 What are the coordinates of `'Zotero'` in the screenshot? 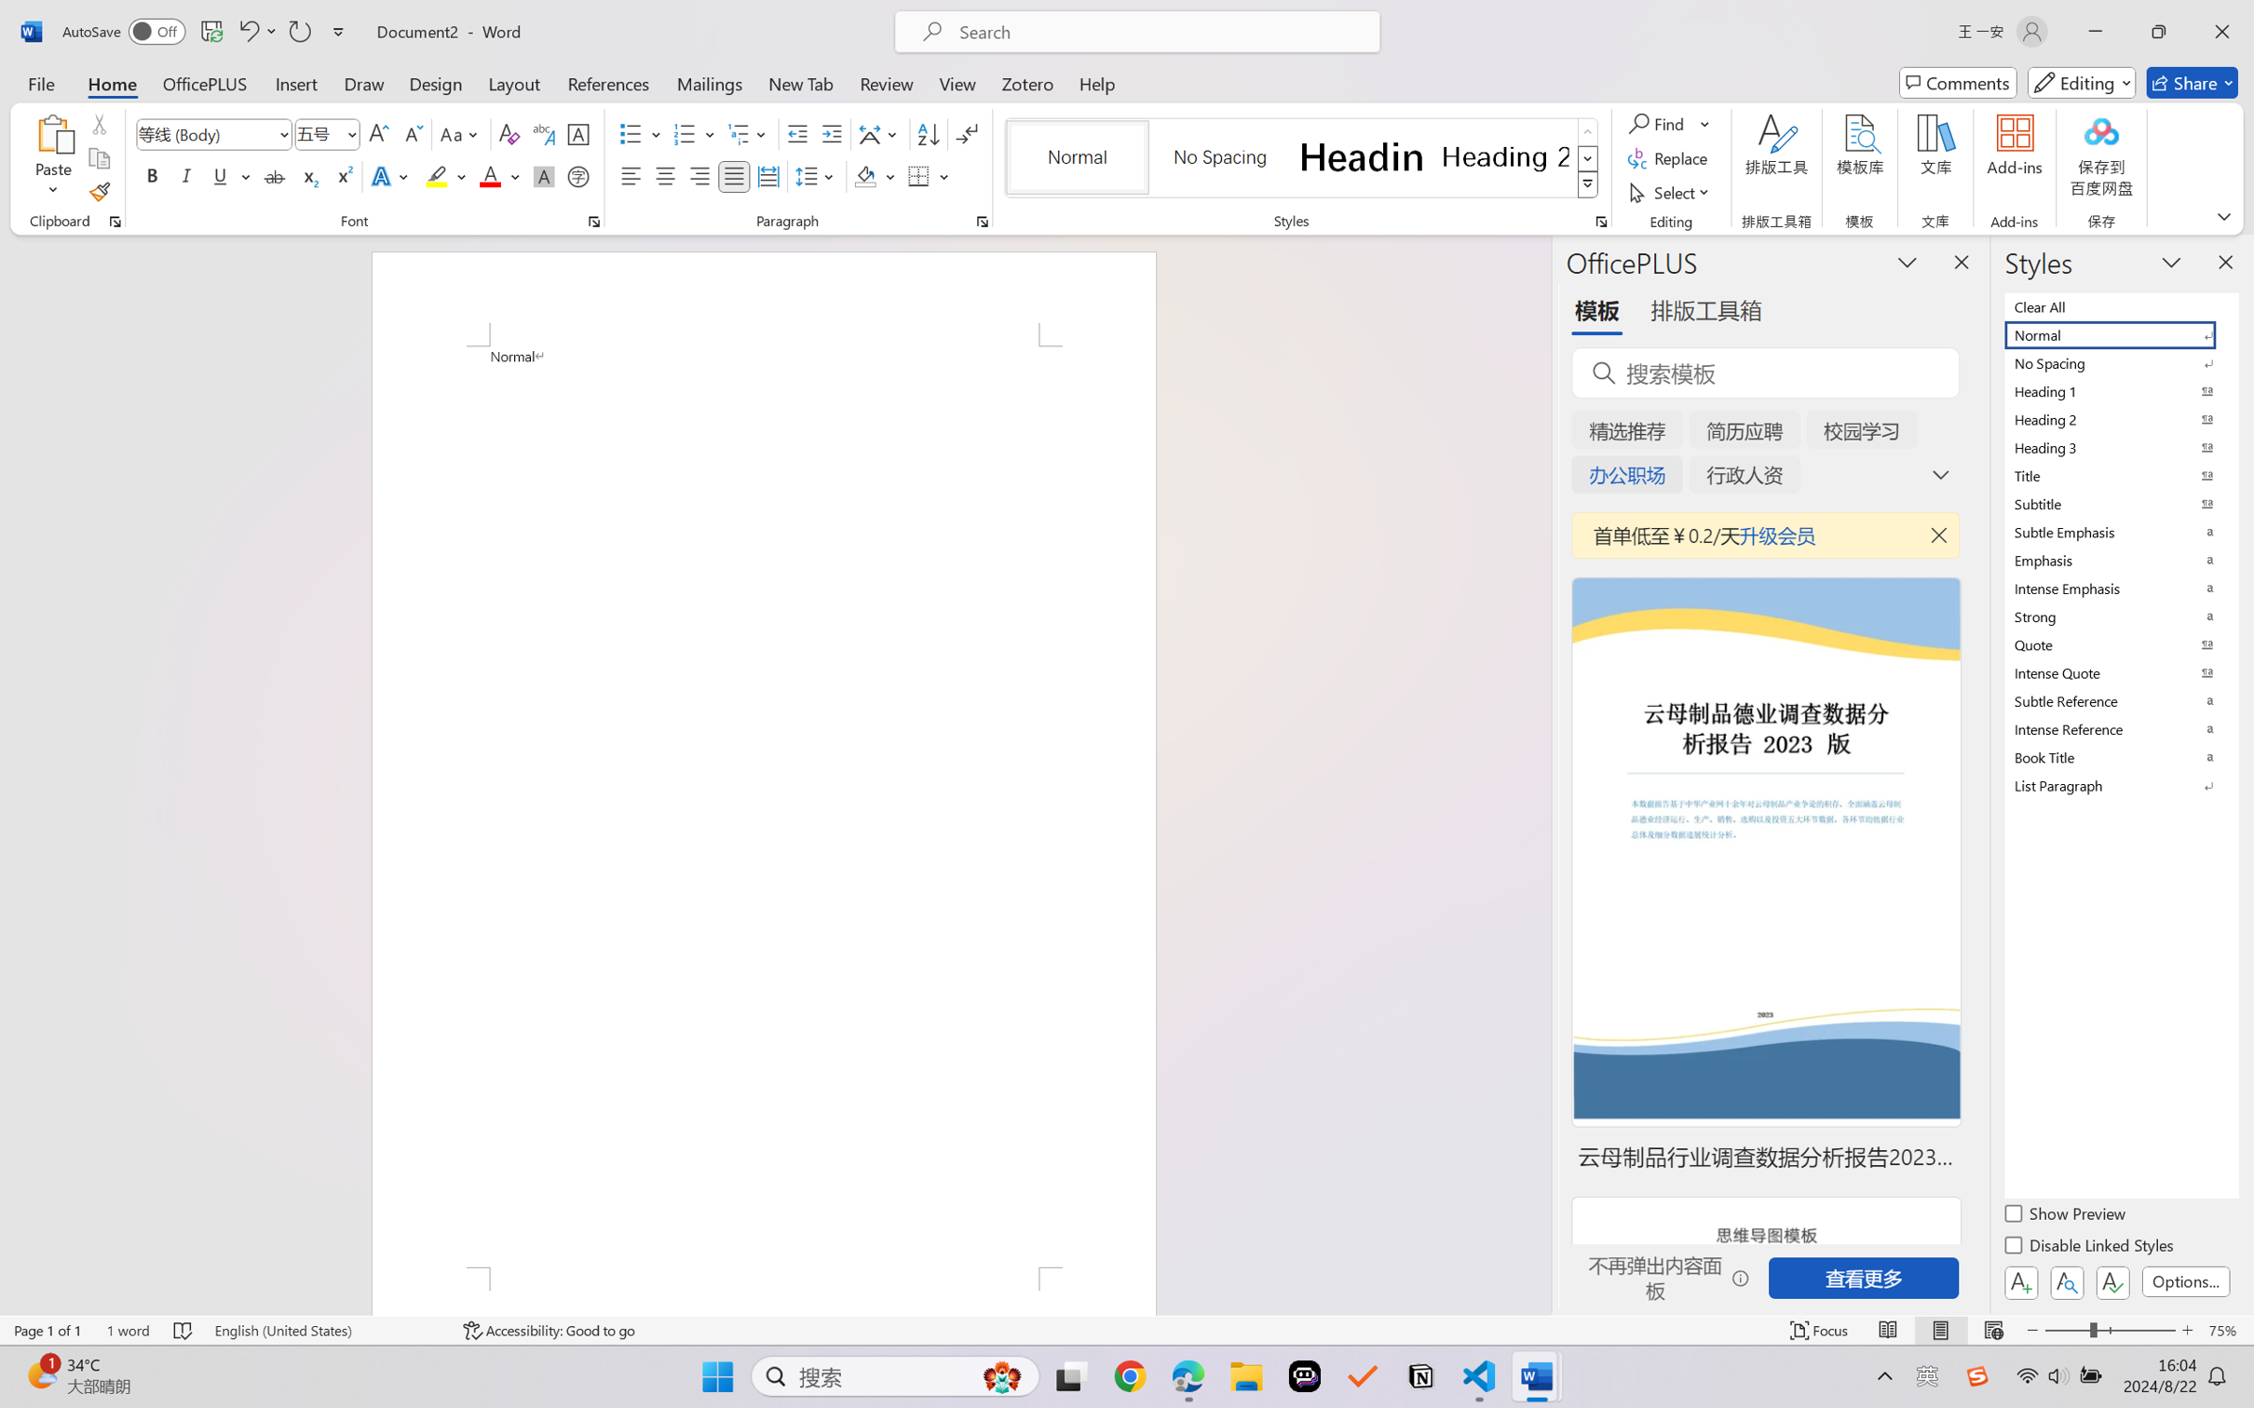 It's located at (1026, 82).